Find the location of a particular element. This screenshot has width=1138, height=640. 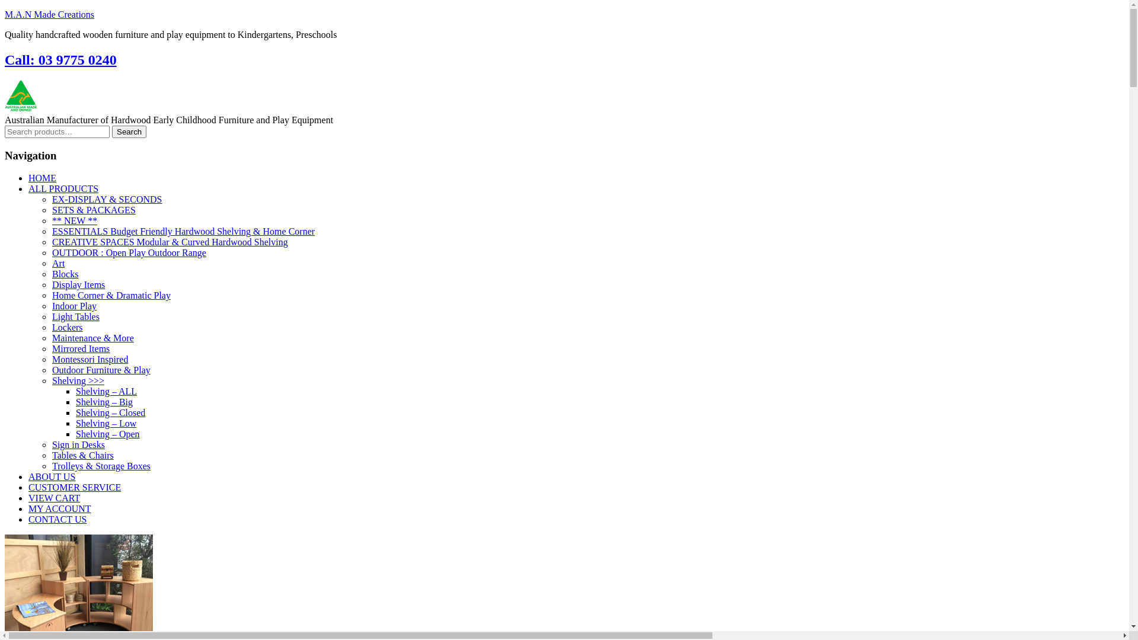

'Home Corner & Dramatic Play' is located at coordinates (111, 295).